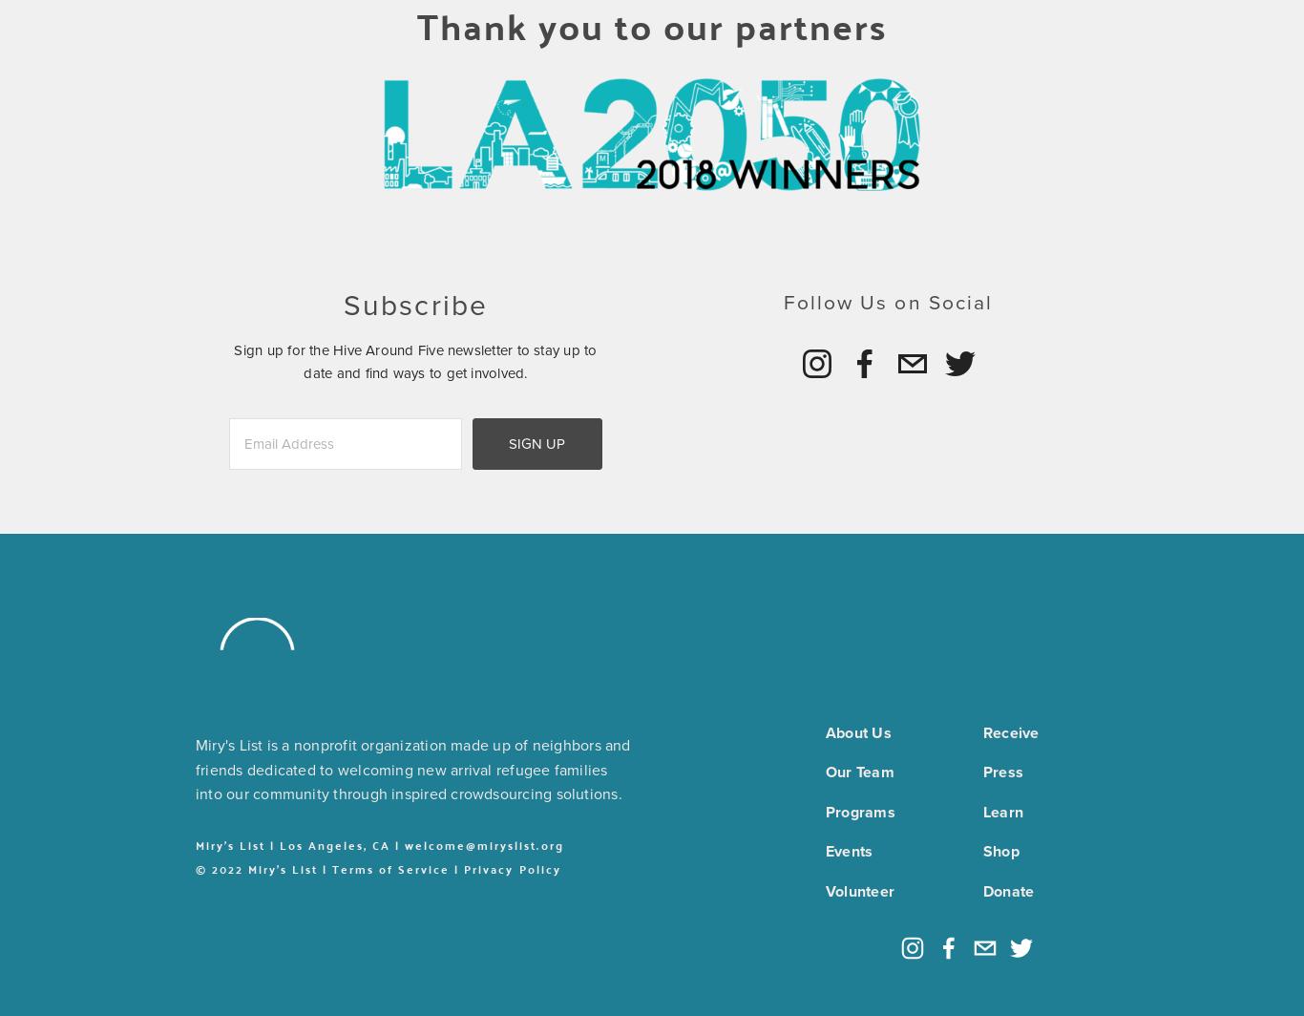 The height and width of the screenshot is (1016, 1304). I want to click on 'Miry's List | Los Angeles, CA |', so click(195, 843).